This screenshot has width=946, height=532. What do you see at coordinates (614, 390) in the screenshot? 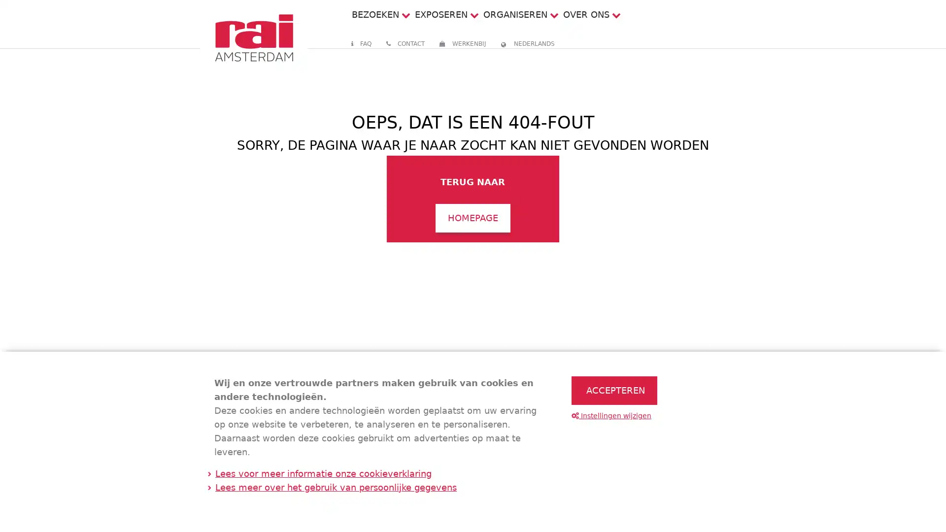
I see `ACCEPTEREN` at bounding box center [614, 390].